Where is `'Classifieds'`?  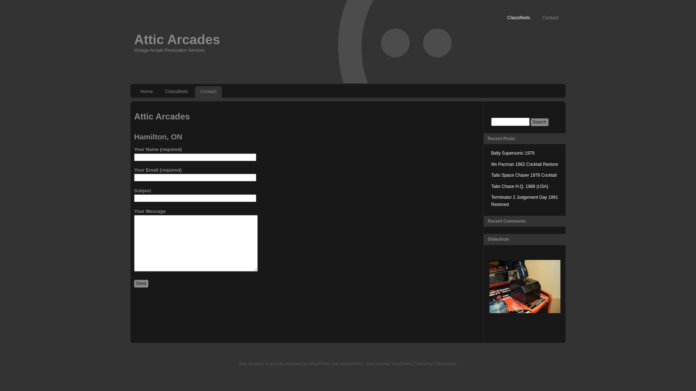 'Classifieds' is located at coordinates (177, 92).